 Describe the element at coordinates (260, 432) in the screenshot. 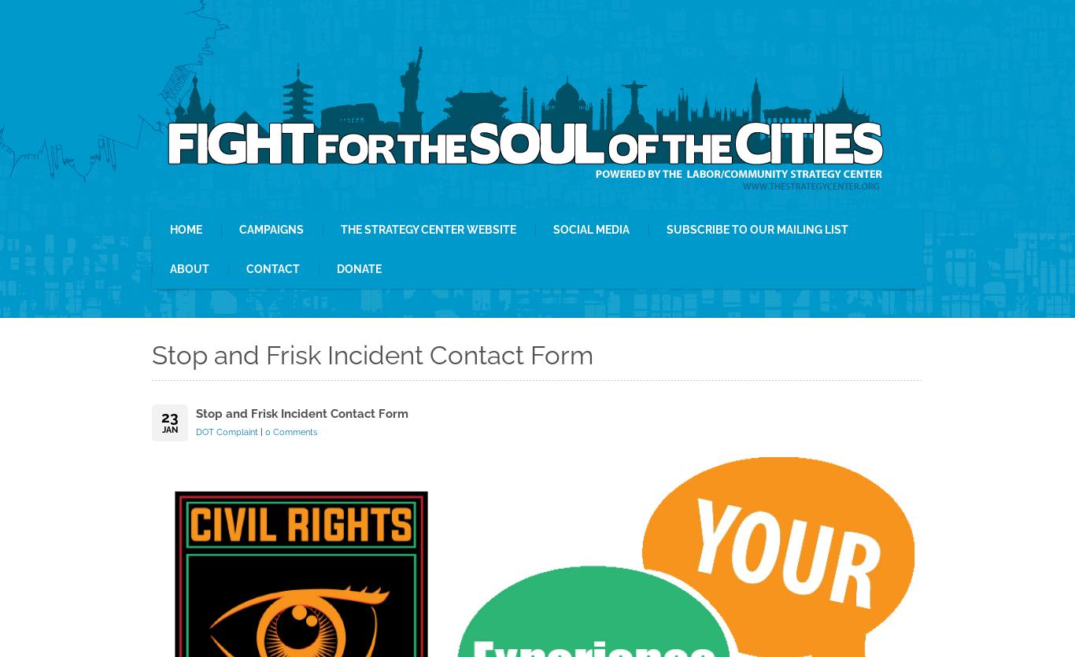

I see `'|'` at that location.